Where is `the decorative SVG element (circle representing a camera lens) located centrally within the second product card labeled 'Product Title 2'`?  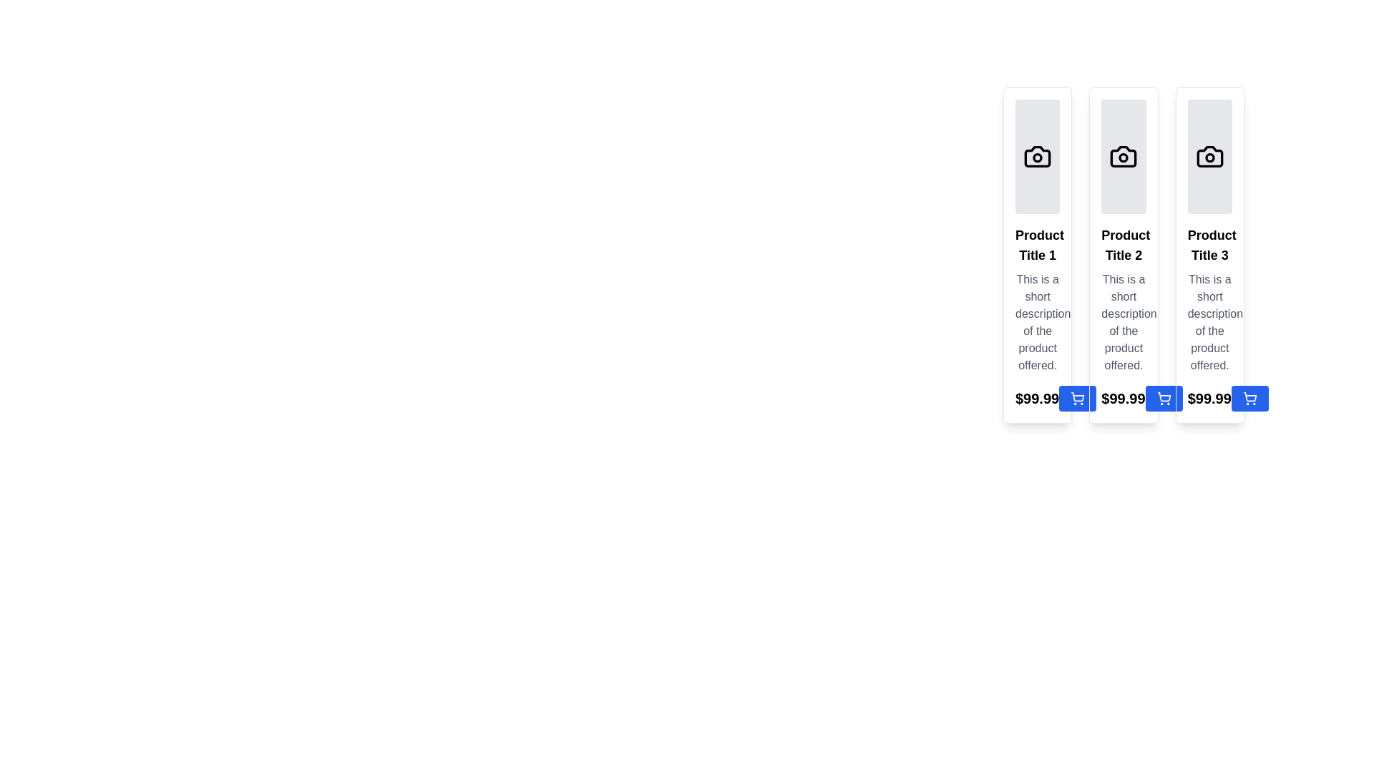 the decorative SVG element (circle representing a camera lens) located centrally within the second product card labeled 'Product Title 2' is located at coordinates (1123, 157).